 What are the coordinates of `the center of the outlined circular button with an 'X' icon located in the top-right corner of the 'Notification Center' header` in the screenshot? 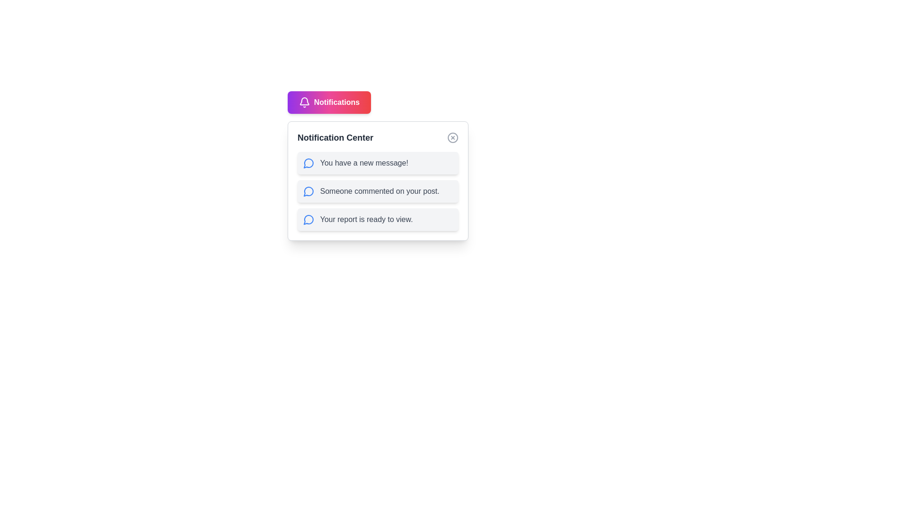 It's located at (452, 138).